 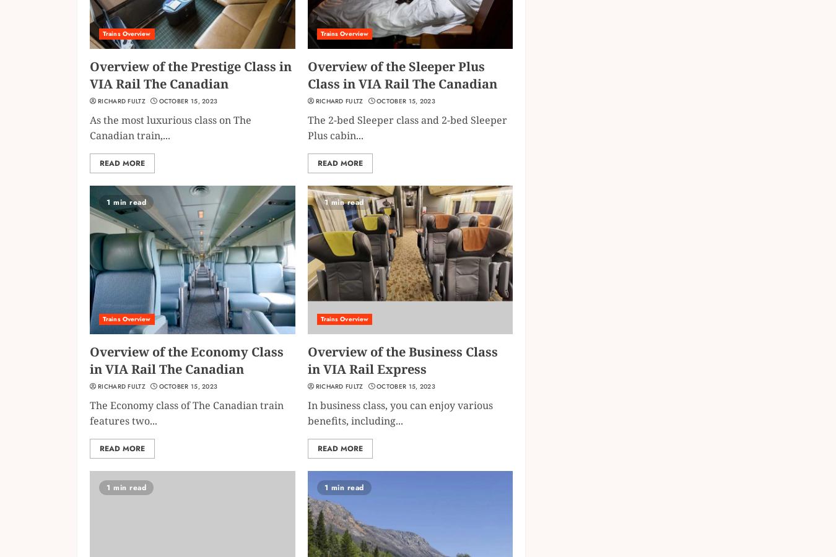 What do you see at coordinates (89, 412) in the screenshot?
I see `'The Economy class of The Canadian train features two...'` at bounding box center [89, 412].